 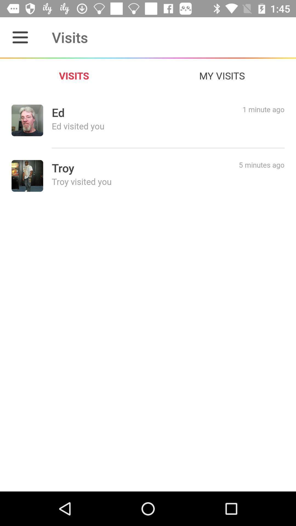 I want to click on item to the left of the visits, so click(x=20, y=37).